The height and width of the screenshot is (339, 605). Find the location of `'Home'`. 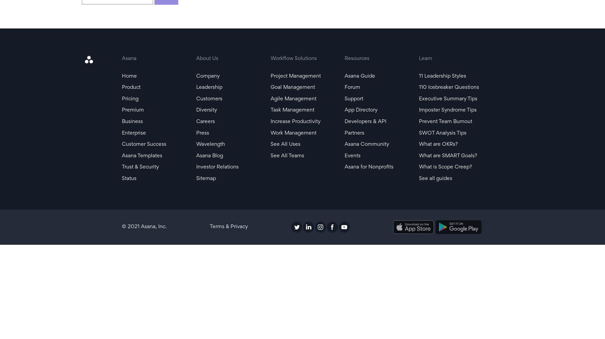

'Home' is located at coordinates (122, 76).